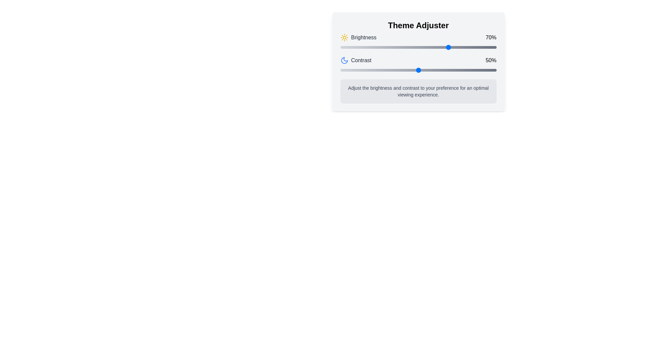  I want to click on the contrast level, so click(445, 70).